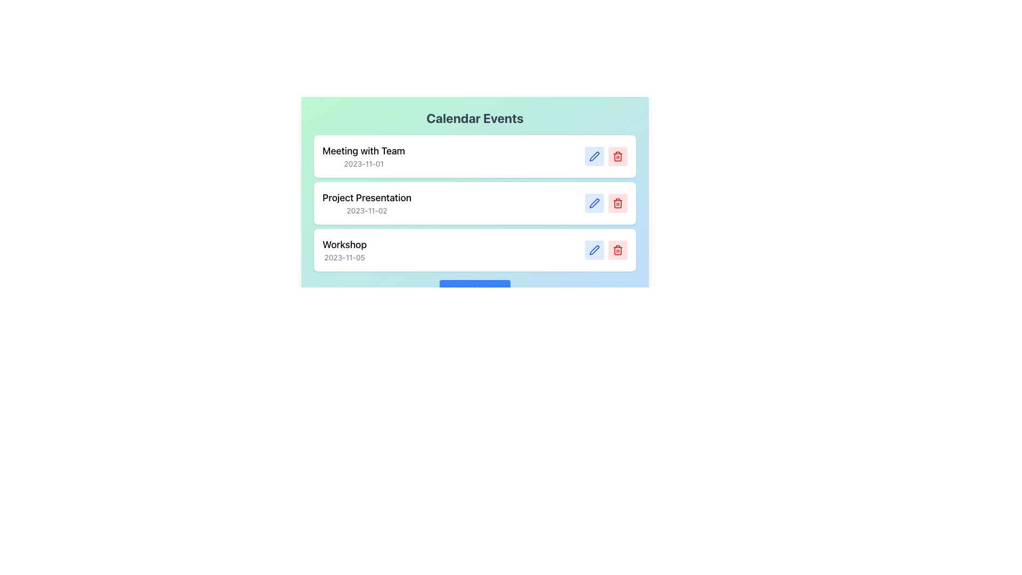 Image resolution: width=1022 pixels, height=575 pixels. What do you see at coordinates (364, 156) in the screenshot?
I see `the event title and date text content located in the first row of the calendar interface, aligned to the left` at bounding box center [364, 156].